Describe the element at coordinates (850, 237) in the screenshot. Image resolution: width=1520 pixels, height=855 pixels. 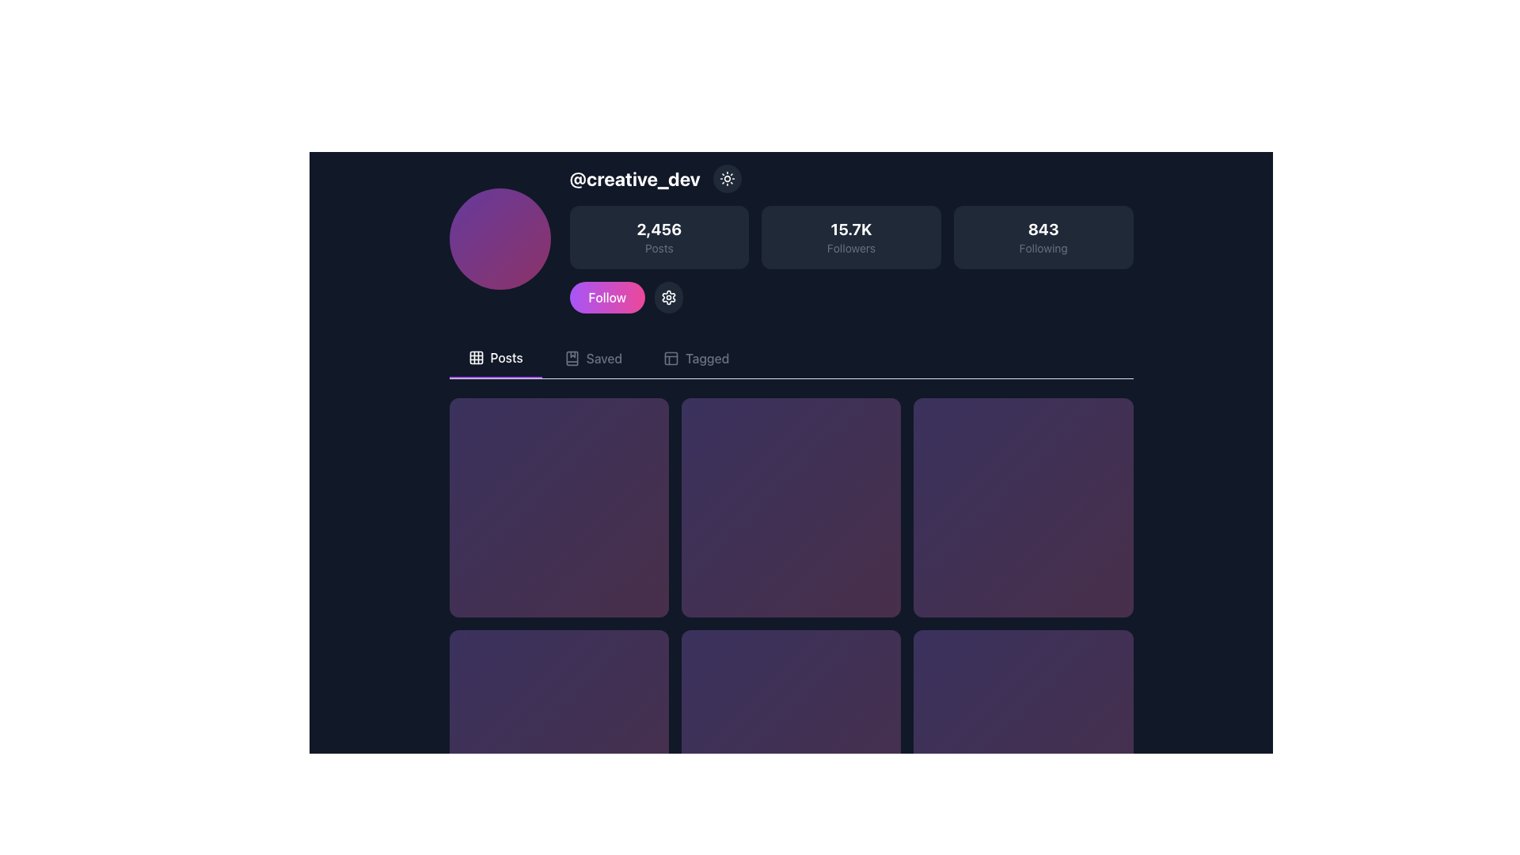
I see `the Text block that displays the follower count, which is centrally located in the second column of a horizontally aligned grid, positioned between '2,456 Posts' on the left and '843 Following' on the right` at that location.